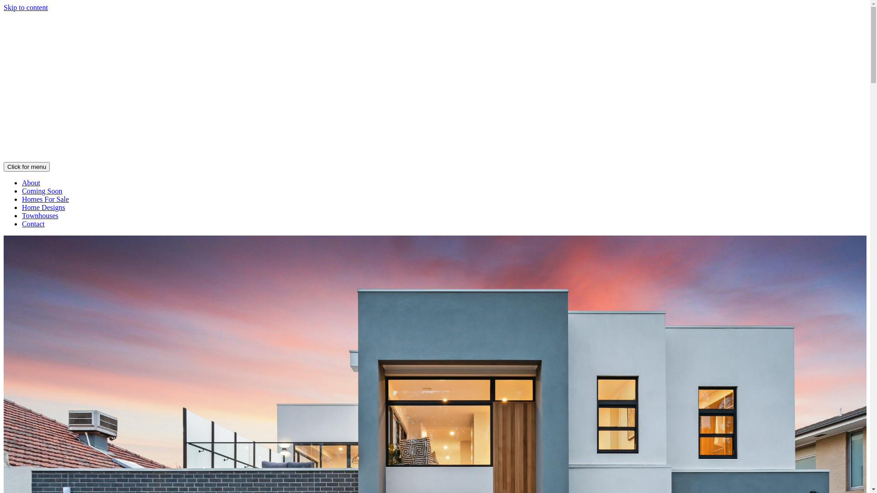  I want to click on 'Skip to content', so click(26, 7).